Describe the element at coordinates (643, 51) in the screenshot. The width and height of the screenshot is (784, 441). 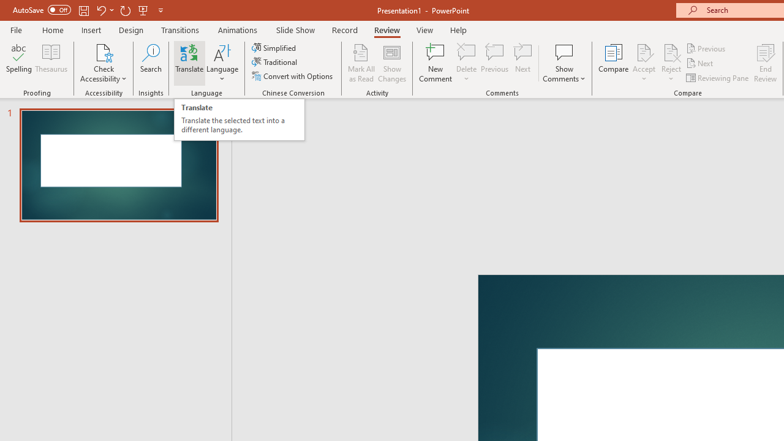
I see `'Accept Change'` at that location.